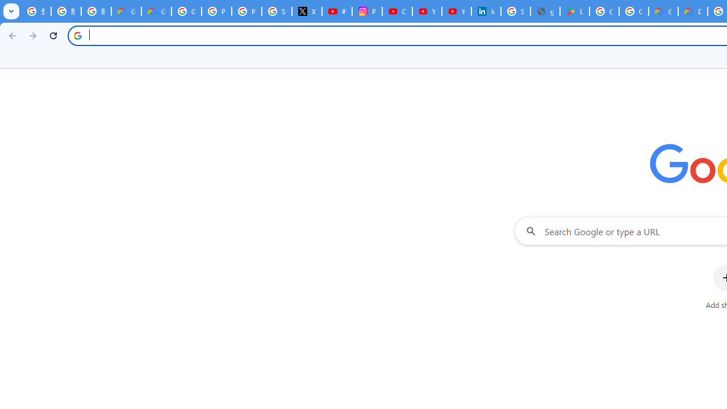  I want to click on 'Google Cloud Privacy Notice', so click(156, 11).